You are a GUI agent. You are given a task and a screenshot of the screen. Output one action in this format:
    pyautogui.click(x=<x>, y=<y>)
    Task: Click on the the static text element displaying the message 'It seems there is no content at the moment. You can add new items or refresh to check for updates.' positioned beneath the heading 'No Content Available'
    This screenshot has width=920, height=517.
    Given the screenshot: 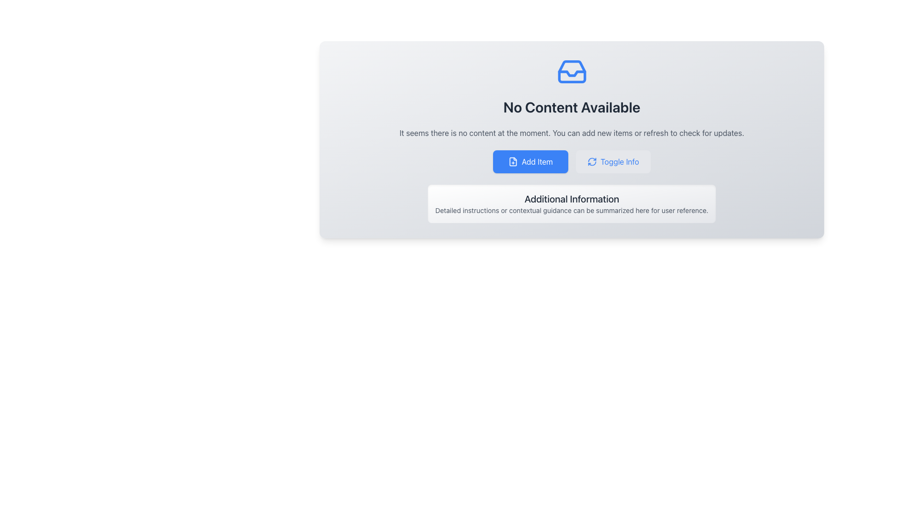 What is the action you would take?
    pyautogui.click(x=572, y=133)
    